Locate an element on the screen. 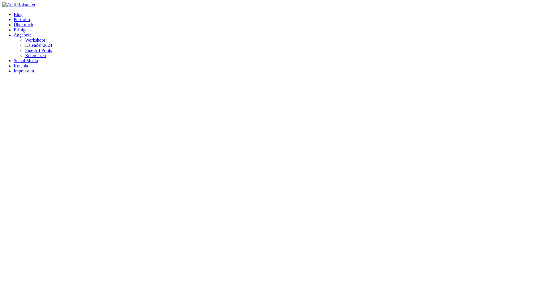 The width and height of the screenshot is (548, 308). 'Social Media' is located at coordinates (14, 60).